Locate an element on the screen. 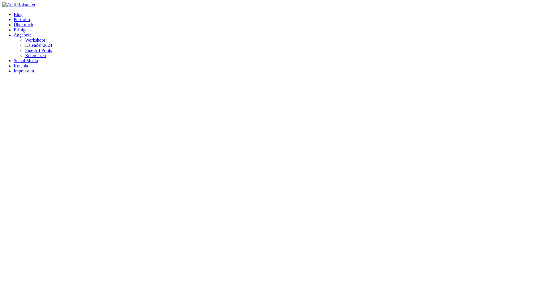 The width and height of the screenshot is (548, 308). 'Social Media' is located at coordinates (14, 60).